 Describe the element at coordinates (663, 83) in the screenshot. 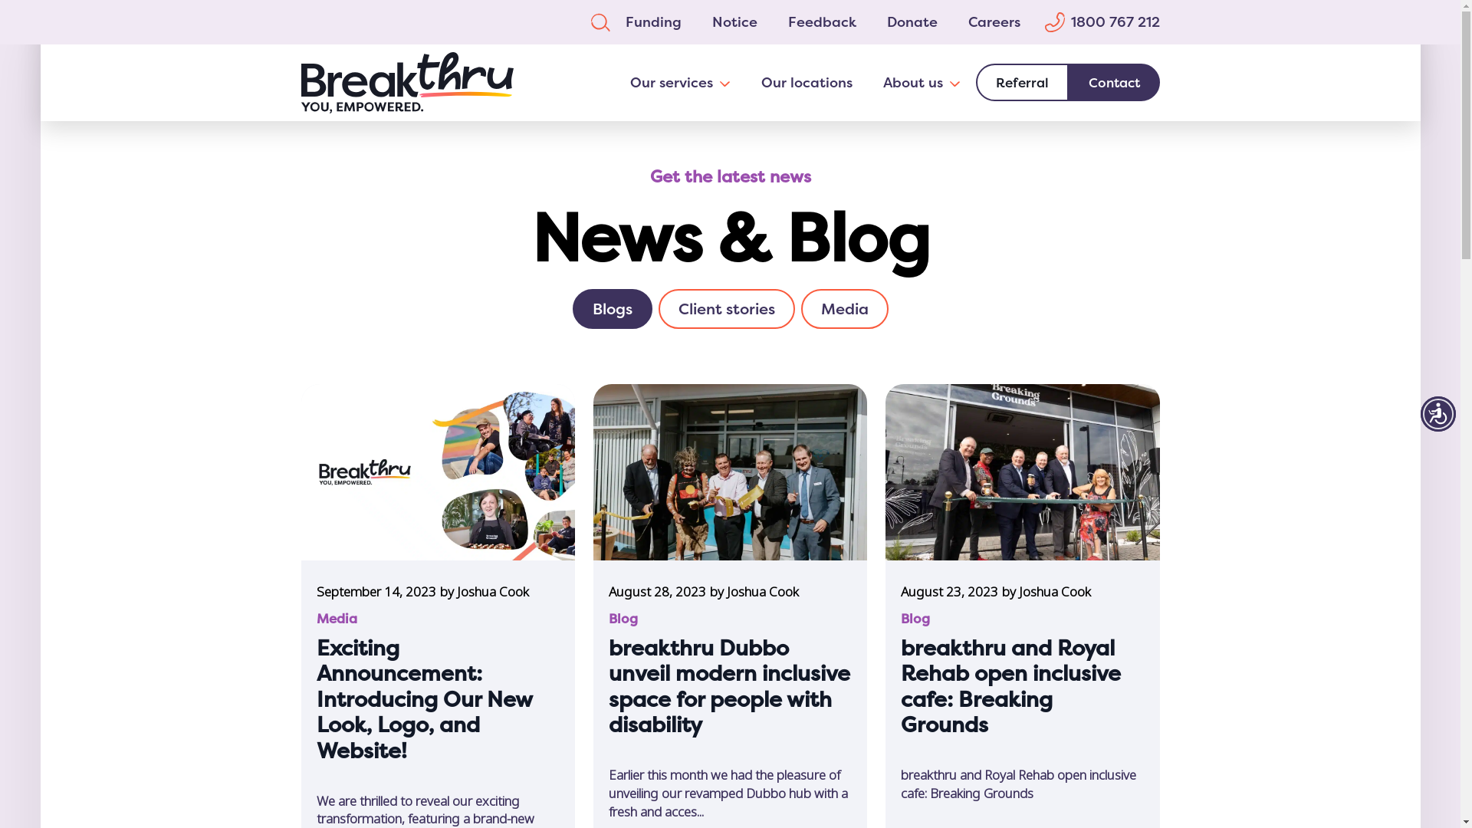

I see `'Our services'` at that location.